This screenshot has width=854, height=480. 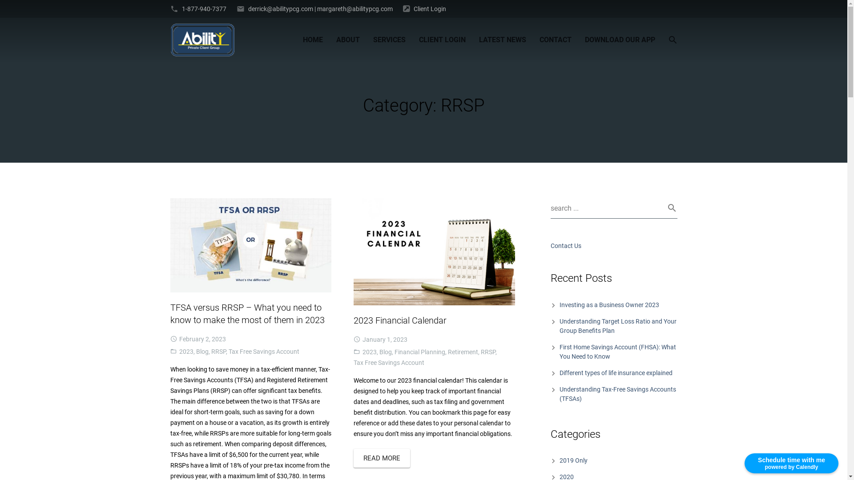 What do you see at coordinates (367, 39) in the screenshot?
I see `'SERVICES'` at bounding box center [367, 39].